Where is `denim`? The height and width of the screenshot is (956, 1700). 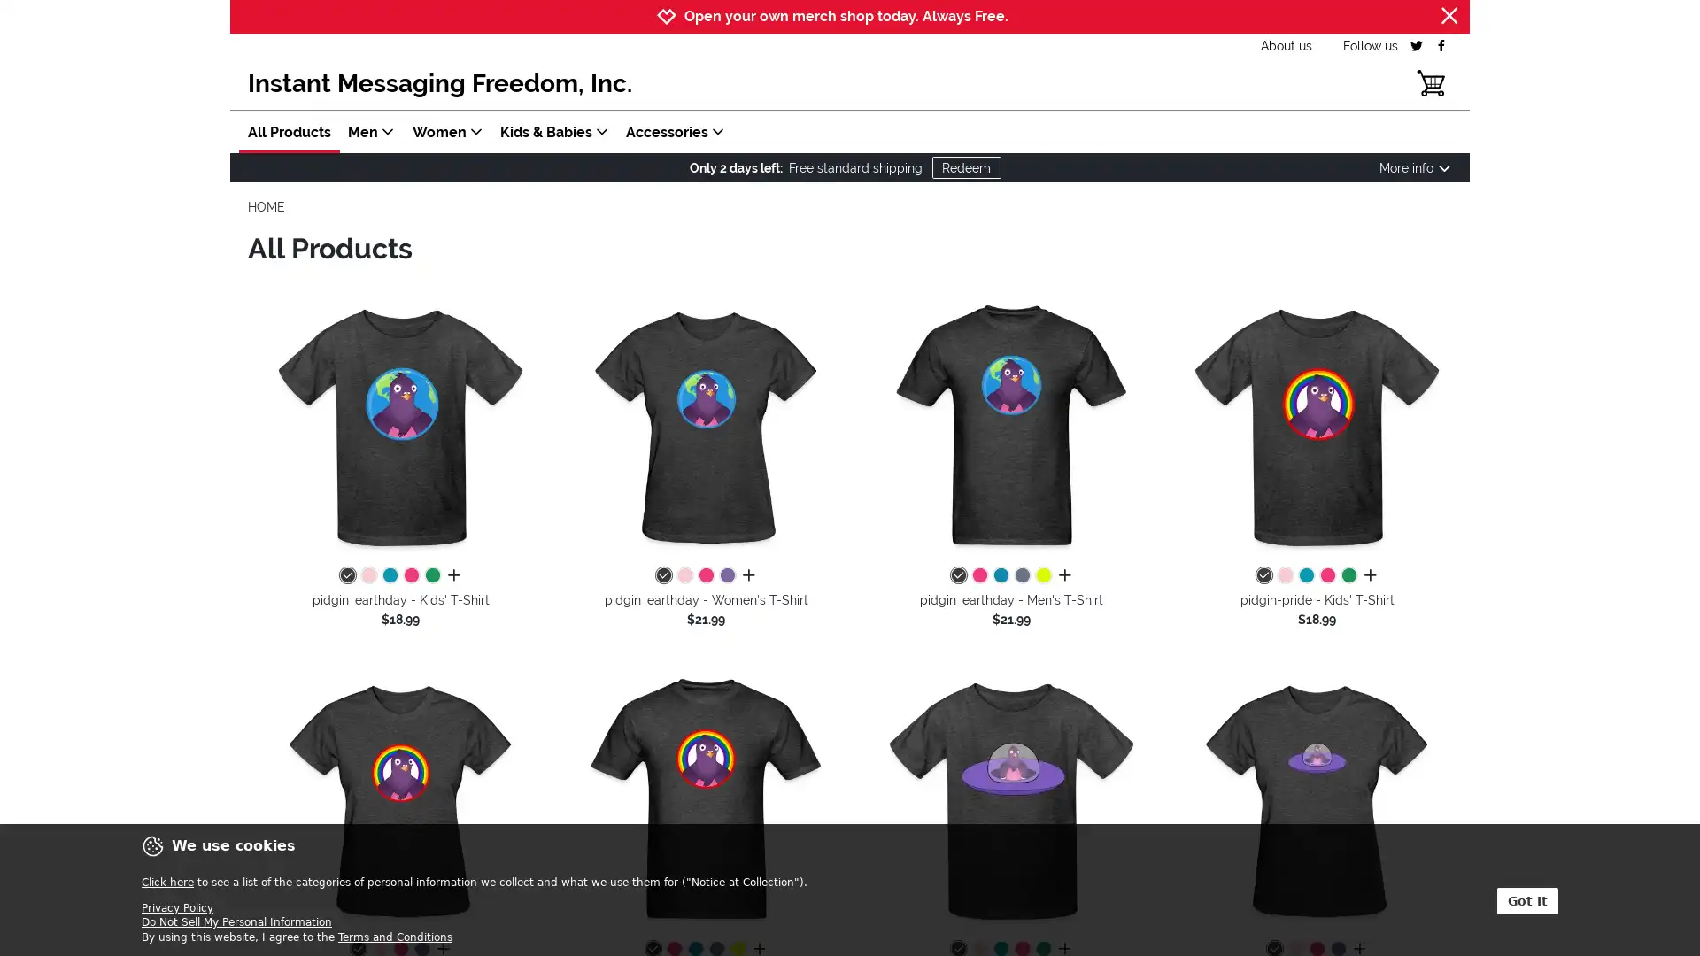 denim is located at coordinates (1021, 576).